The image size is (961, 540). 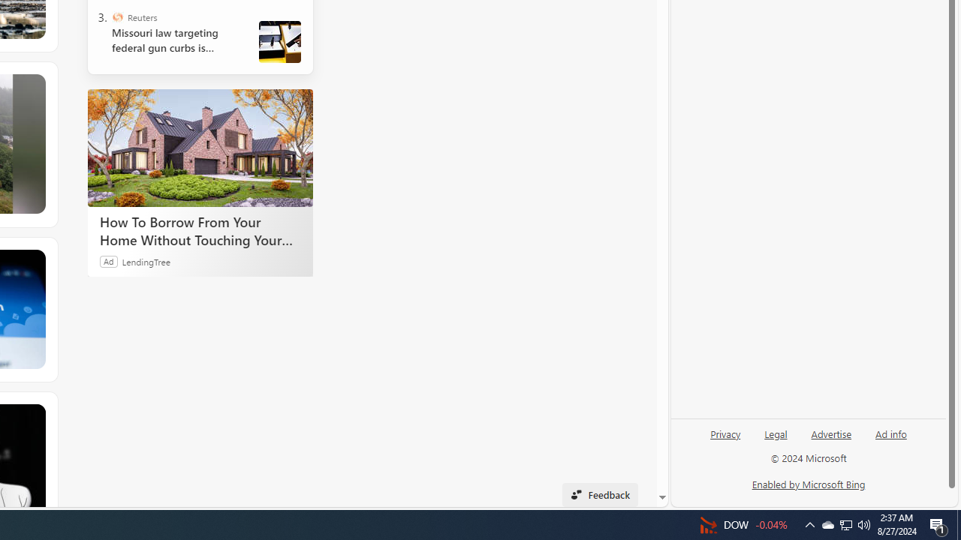 What do you see at coordinates (726, 439) in the screenshot?
I see `'Privacy'` at bounding box center [726, 439].